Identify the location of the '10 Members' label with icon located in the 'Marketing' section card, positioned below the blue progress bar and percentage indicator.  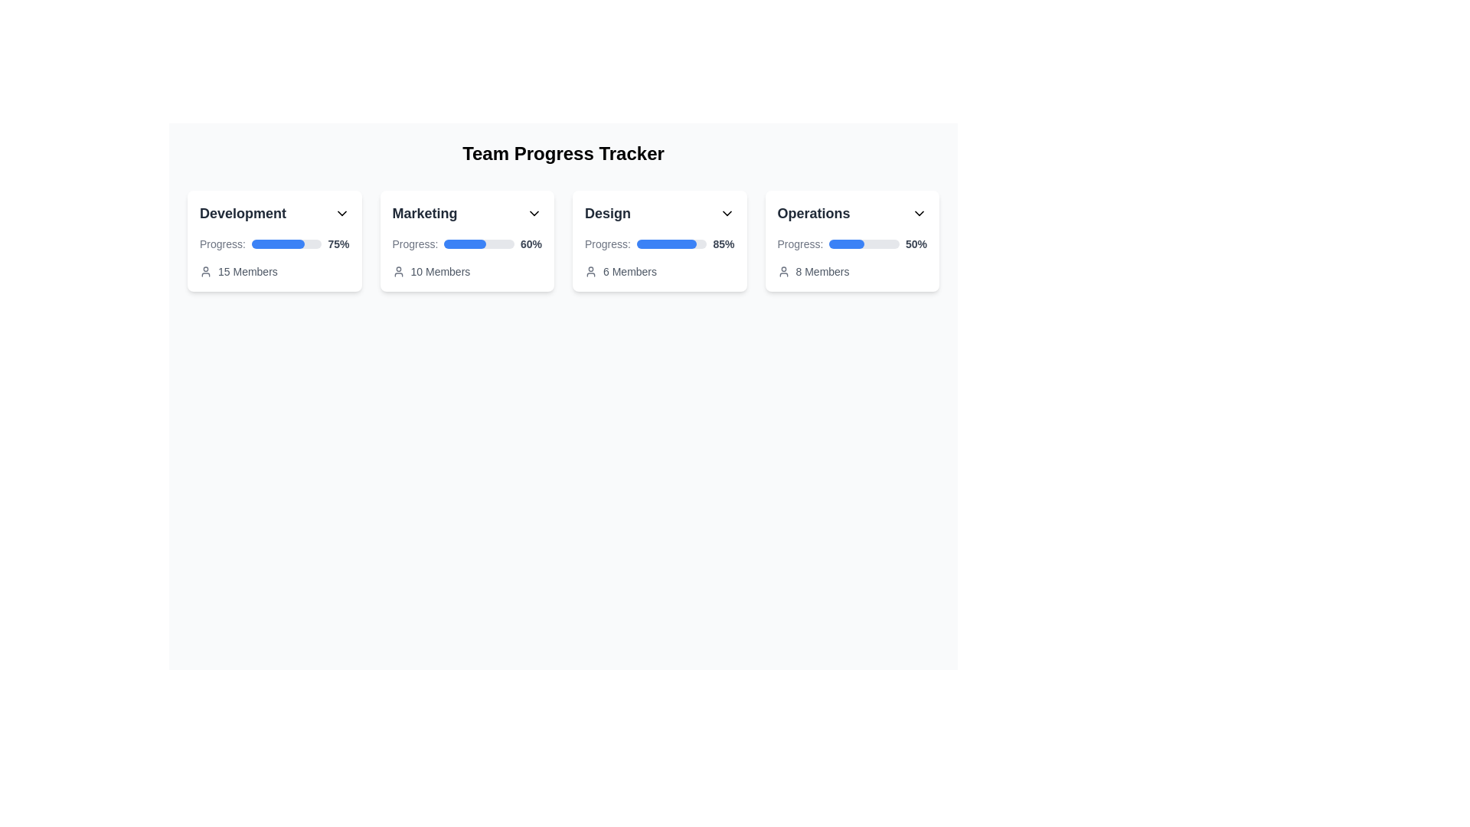
(466, 270).